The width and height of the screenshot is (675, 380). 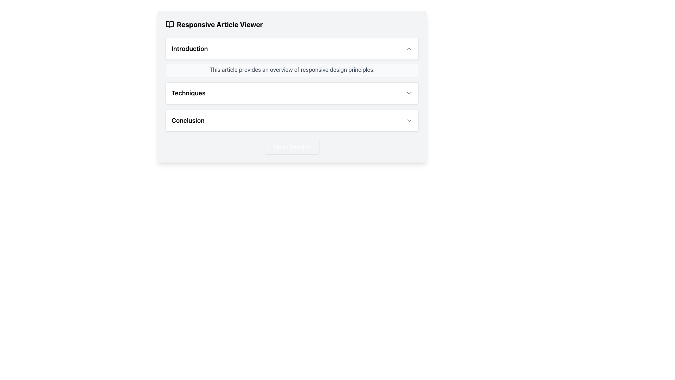 I want to click on the 'Techniques' collapsible list item, which is the second item under 'Responsive Article Viewer', so click(x=292, y=93).